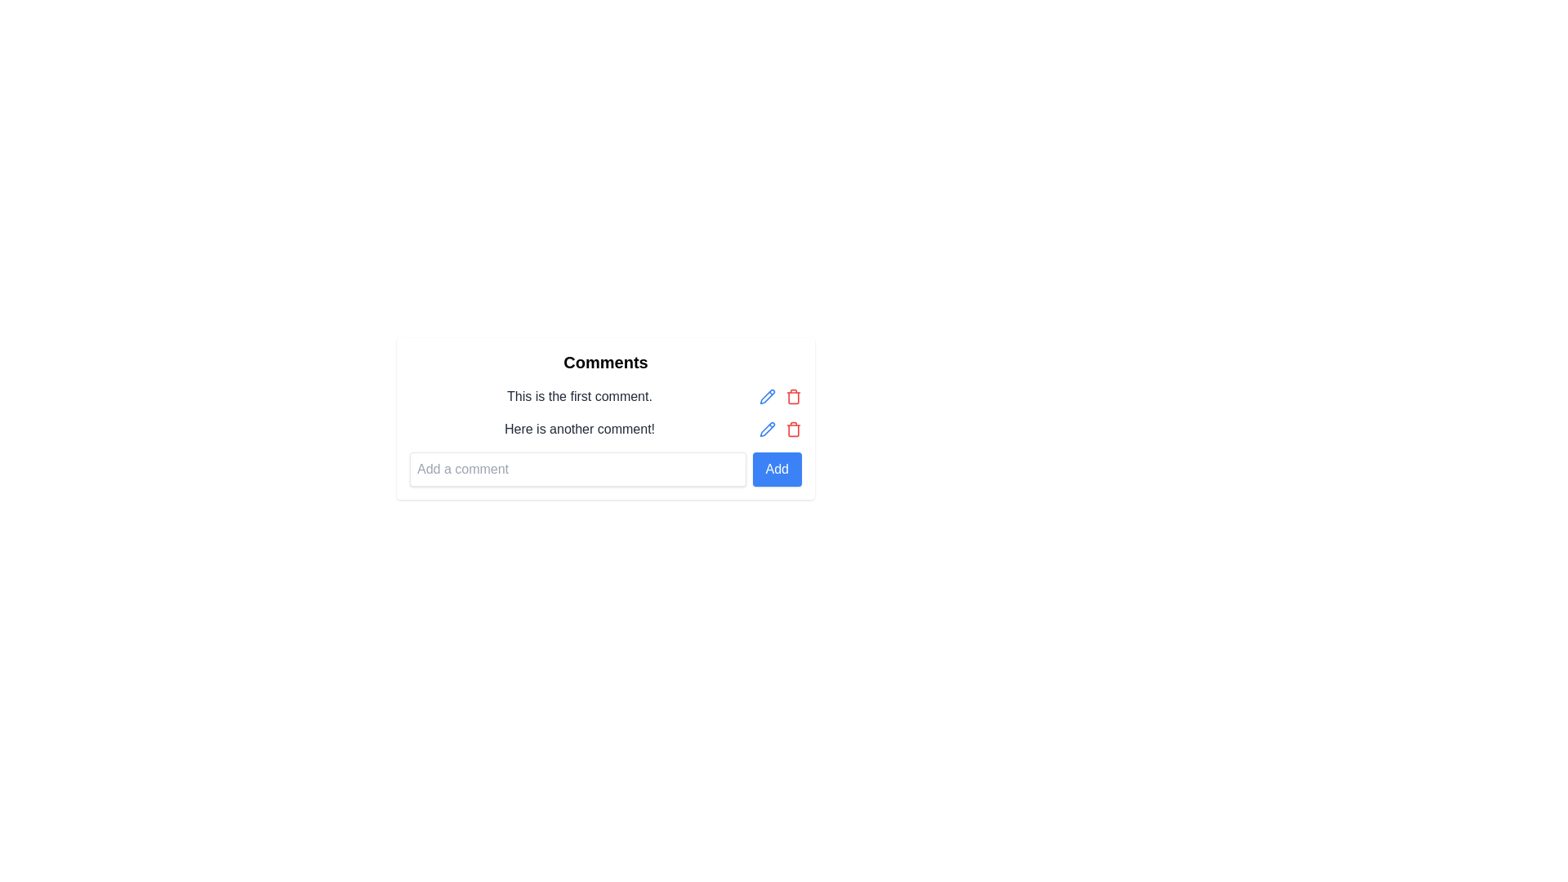 This screenshot has width=1568, height=882. Describe the element at coordinates (605, 469) in the screenshot. I see `the input field for adding a comment, which is part of the Input and Submit Pair located at the bottom of the comments section` at that location.